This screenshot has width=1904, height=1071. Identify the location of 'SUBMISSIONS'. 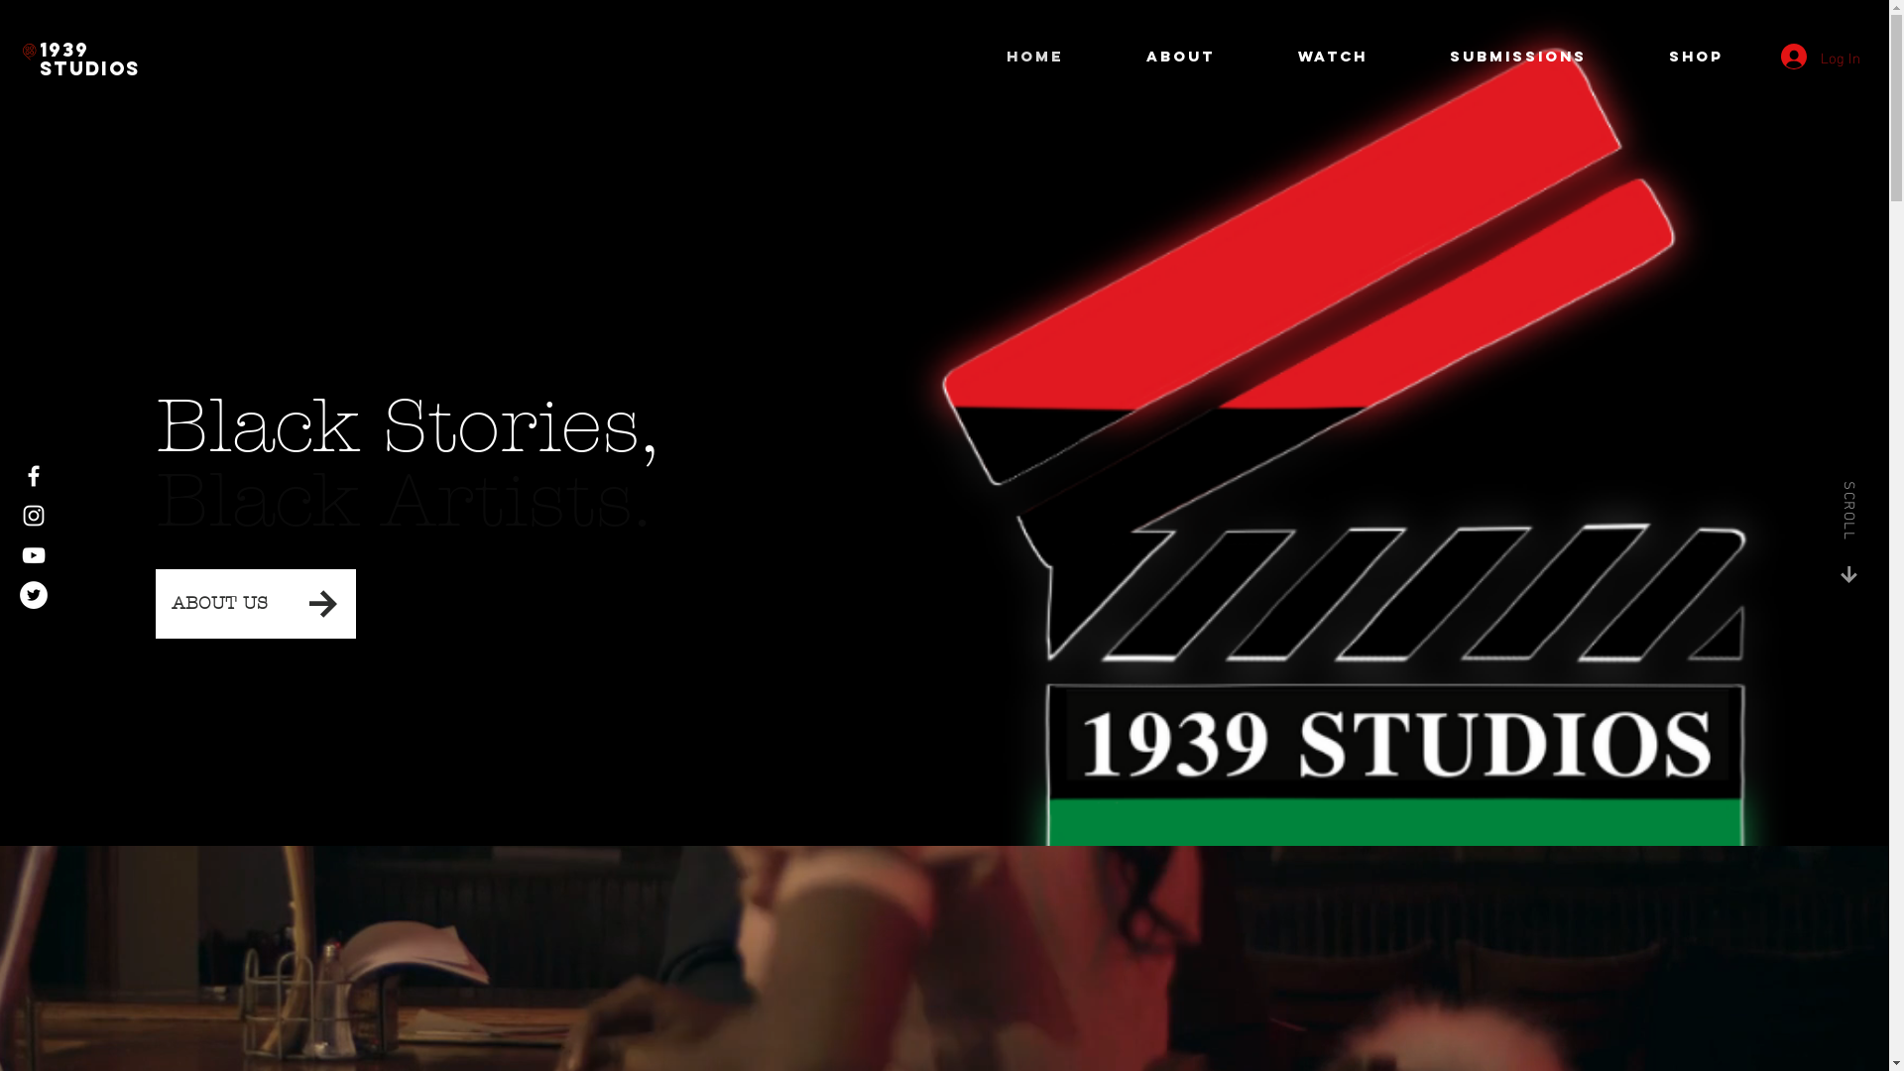
(1541, 56).